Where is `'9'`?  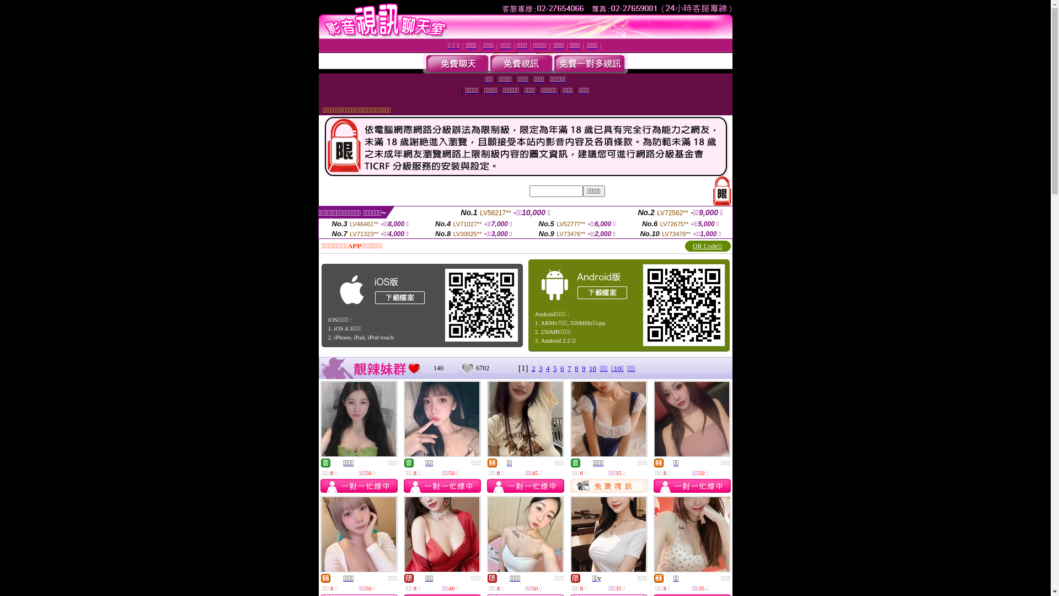 '9' is located at coordinates (583, 368).